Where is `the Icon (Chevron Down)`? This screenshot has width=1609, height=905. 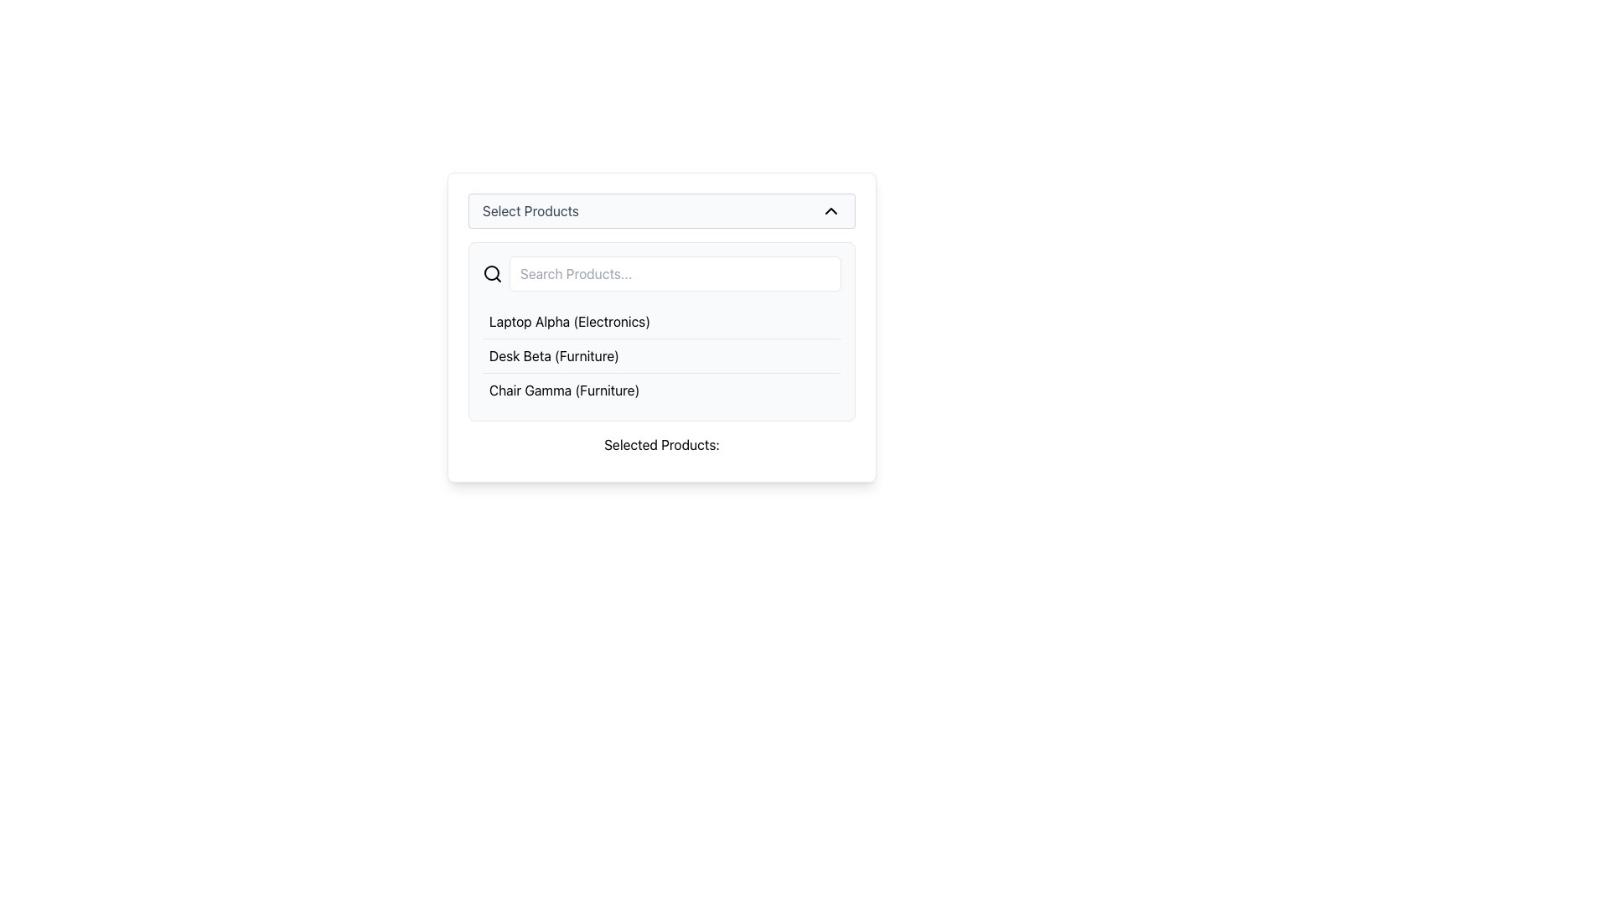
the Icon (Chevron Down) is located at coordinates (831, 209).